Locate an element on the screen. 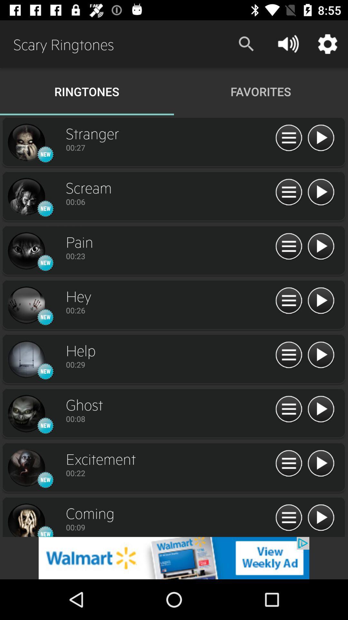  add is located at coordinates (174, 558).